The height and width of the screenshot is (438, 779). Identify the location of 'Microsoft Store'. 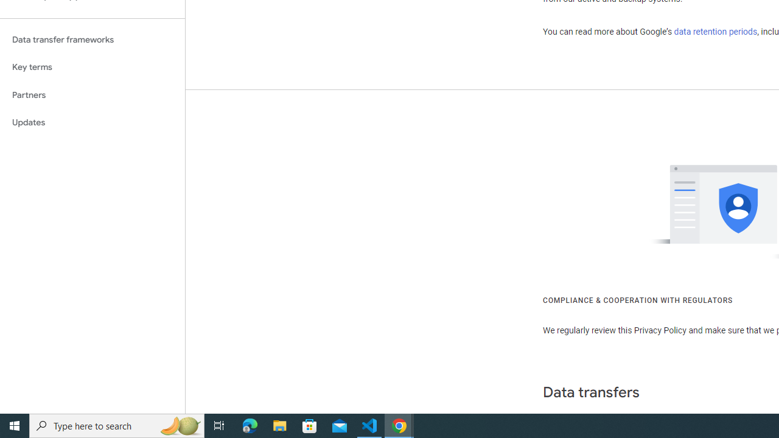
(310, 425).